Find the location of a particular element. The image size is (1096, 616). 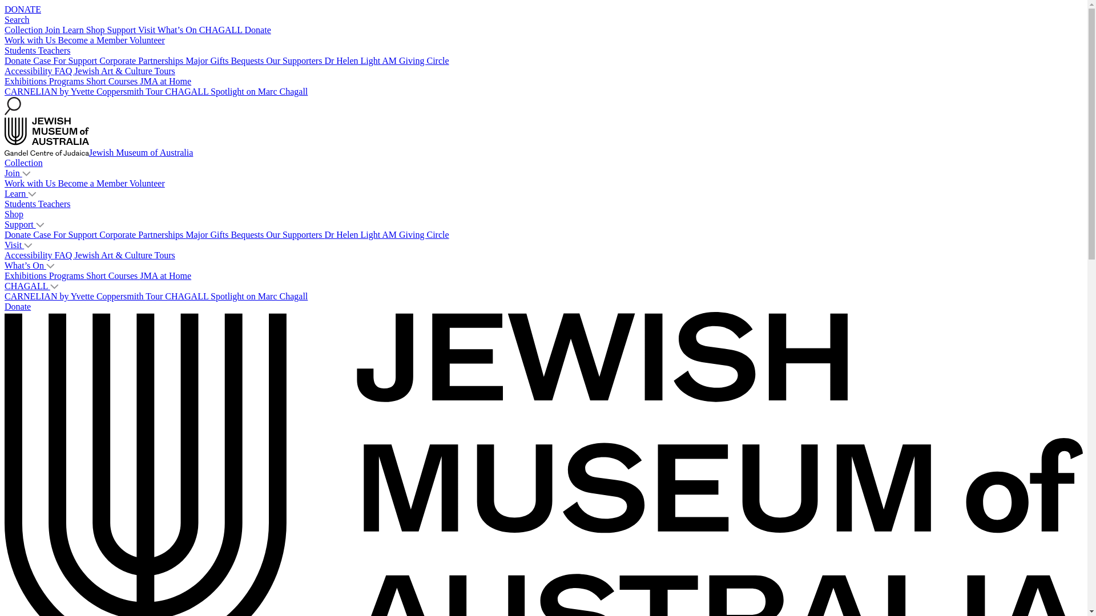

'Support' is located at coordinates (107, 29).